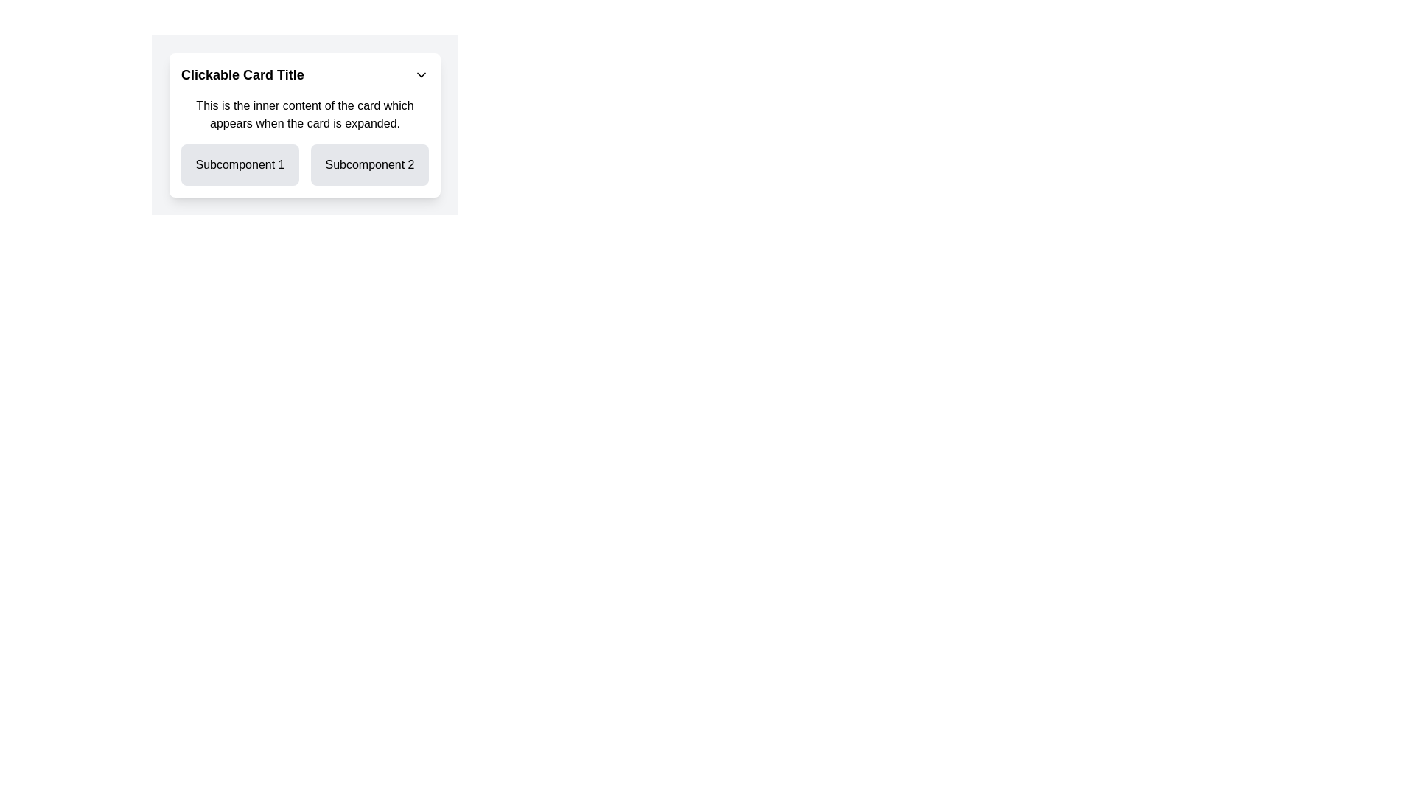 This screenshot has width=1415, height=796. Describe the element at coordinates (304, 114) in the screenshot. I see `static text content displaying the statement: 'This is the inner content of the card which appears when the card is expanded.' located in the center of the card below the card's title` at that location.